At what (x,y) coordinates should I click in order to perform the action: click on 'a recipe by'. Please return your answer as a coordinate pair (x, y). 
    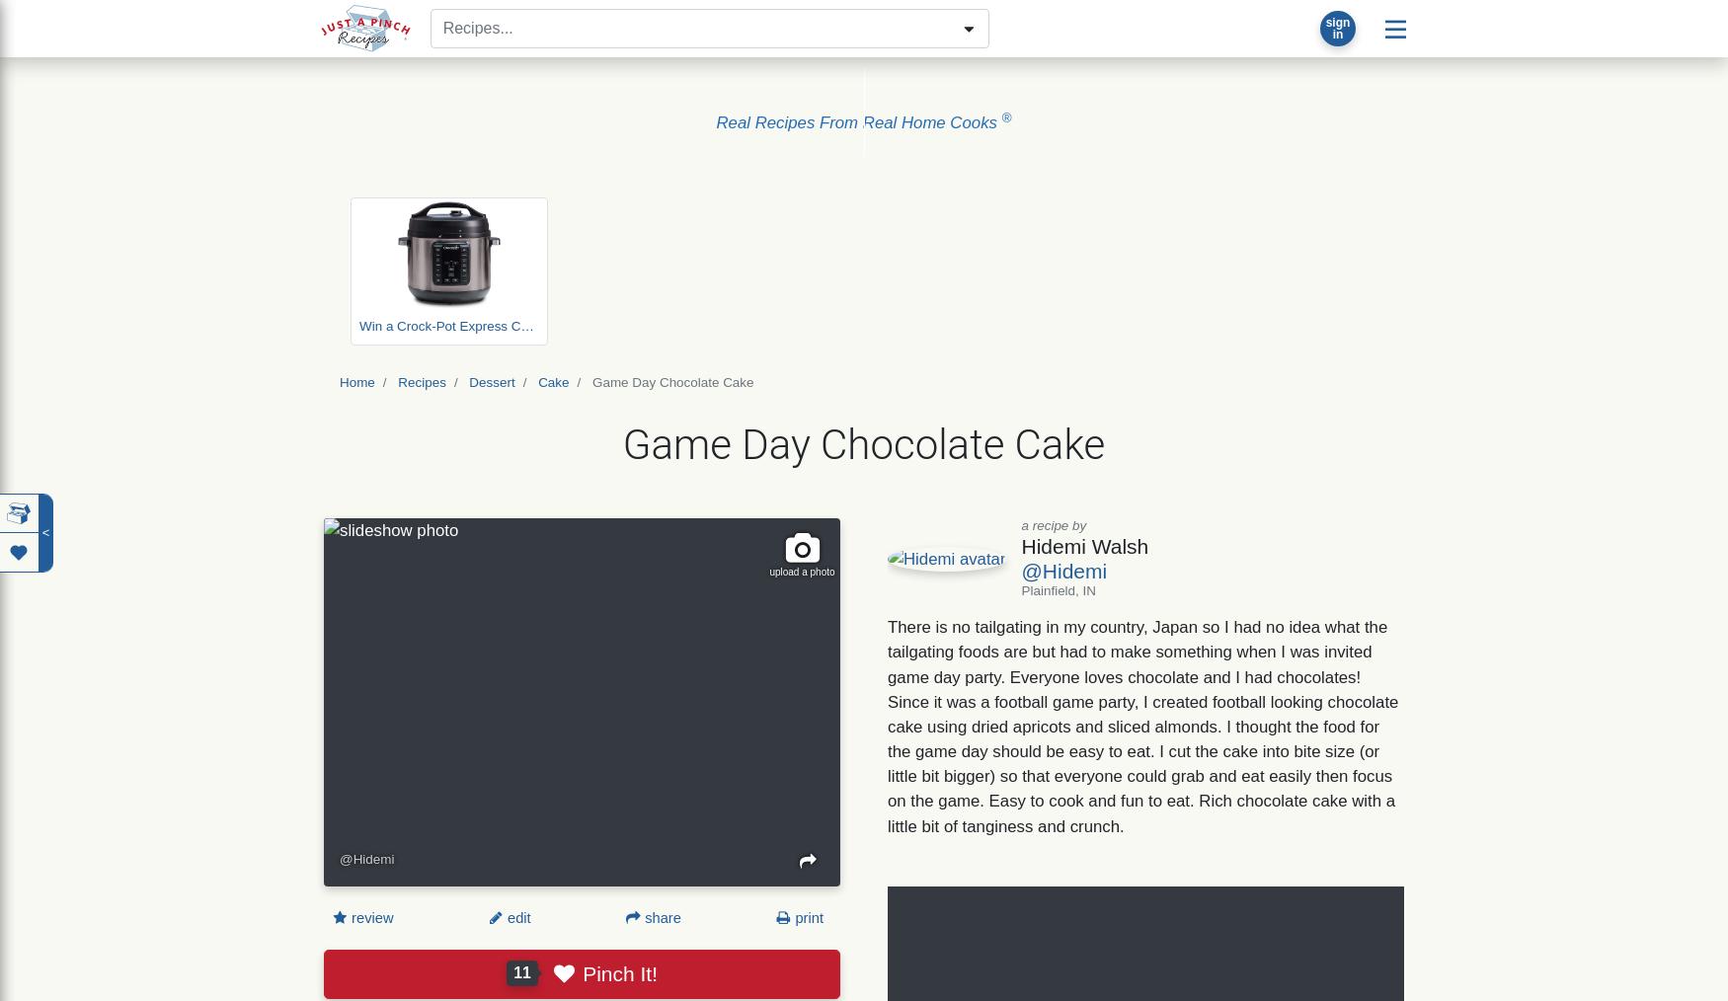
    Looking at the image, I should click on (1053, 523).